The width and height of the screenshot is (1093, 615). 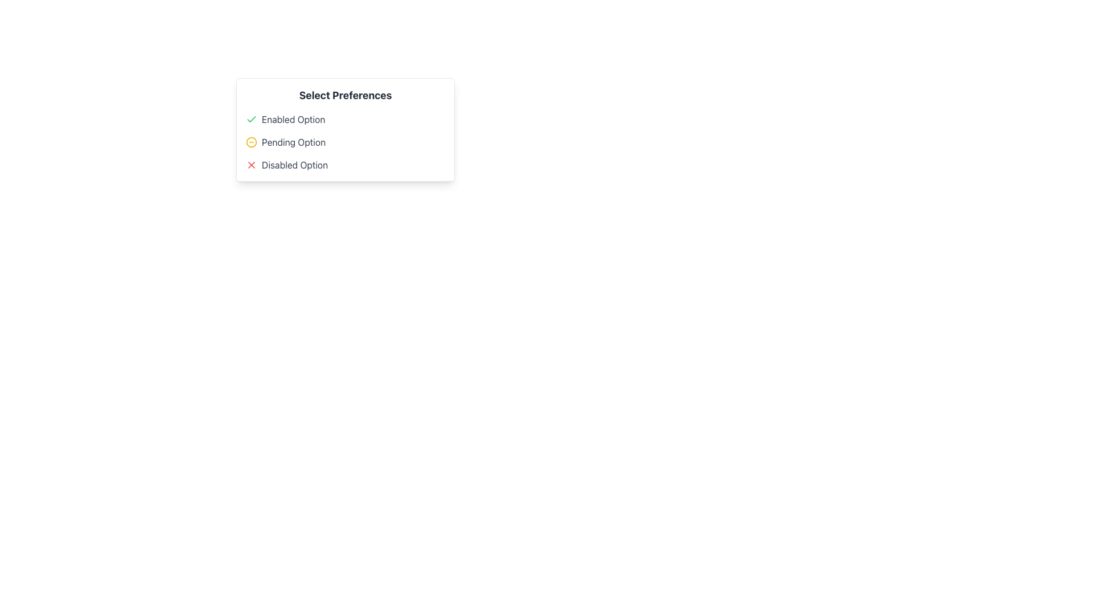 What do you see at coordinates (250, 118) in the screenshot?
I see `the small green-colored checkmark icon located at the top-left corner of the options list under 'Select Preferences', associated with the 'Enabled Option'` at bounding box center [250, 118].